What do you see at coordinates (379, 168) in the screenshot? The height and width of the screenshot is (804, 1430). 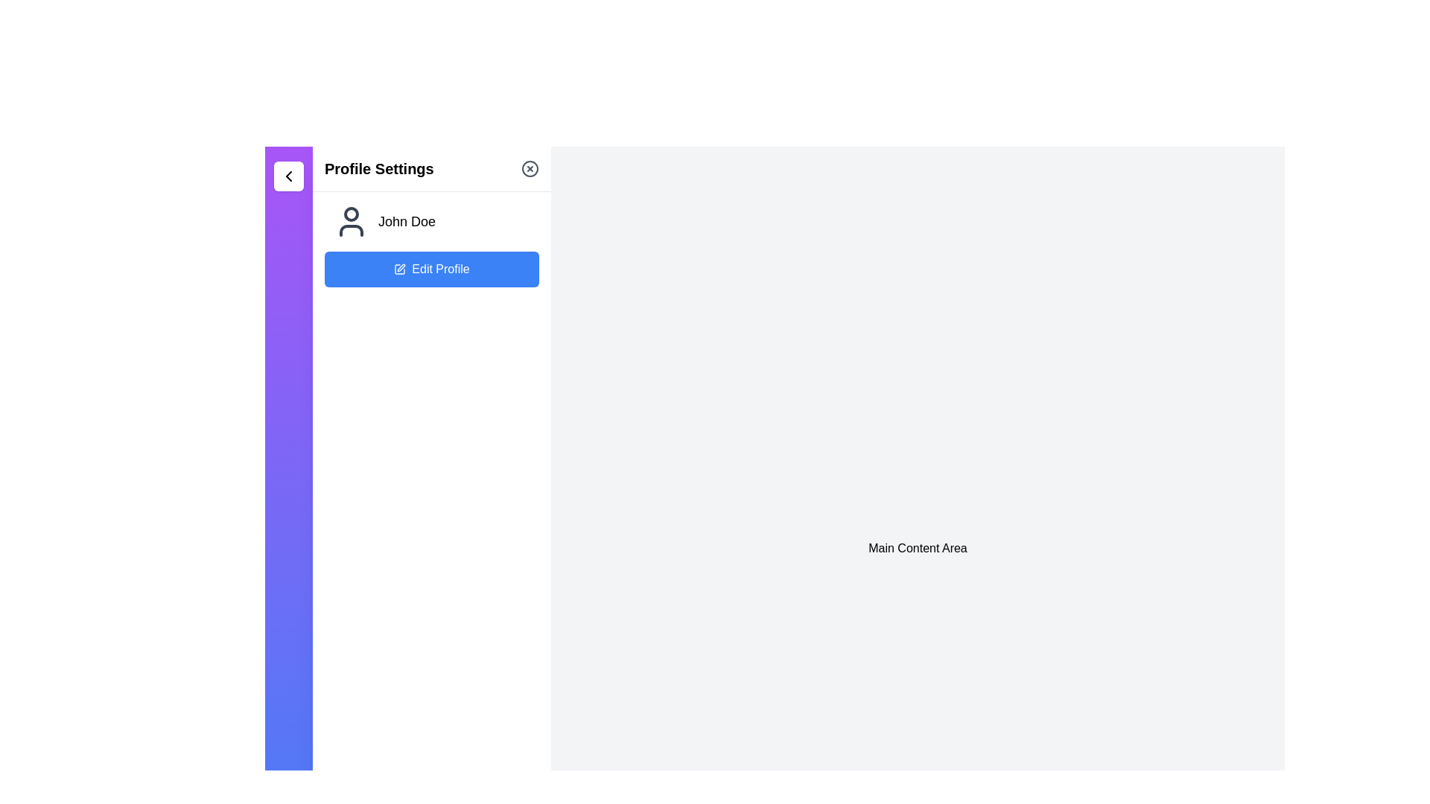 I see `the 'Profile Settings' header element, which identifies the current section of the application` at bounding box center [379, 168].